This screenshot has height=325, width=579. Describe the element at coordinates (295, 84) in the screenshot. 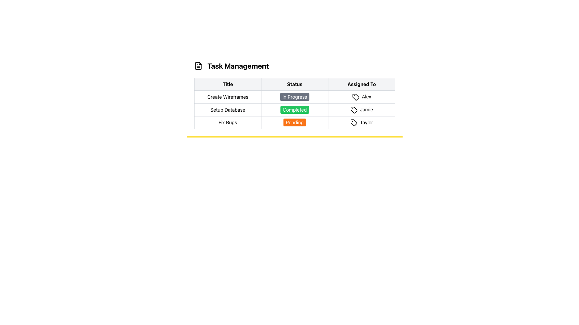

I see `the headers in the Table Header Row` at that location.